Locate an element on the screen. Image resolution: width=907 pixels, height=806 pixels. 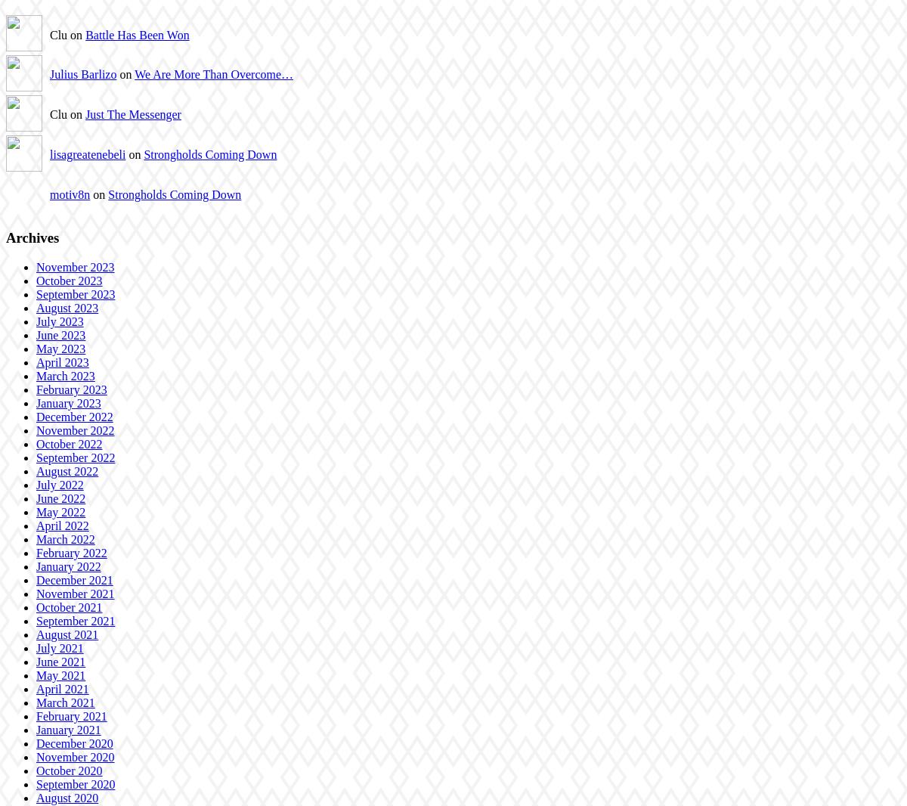
'June 2021' is located at coordinates (36, 661).